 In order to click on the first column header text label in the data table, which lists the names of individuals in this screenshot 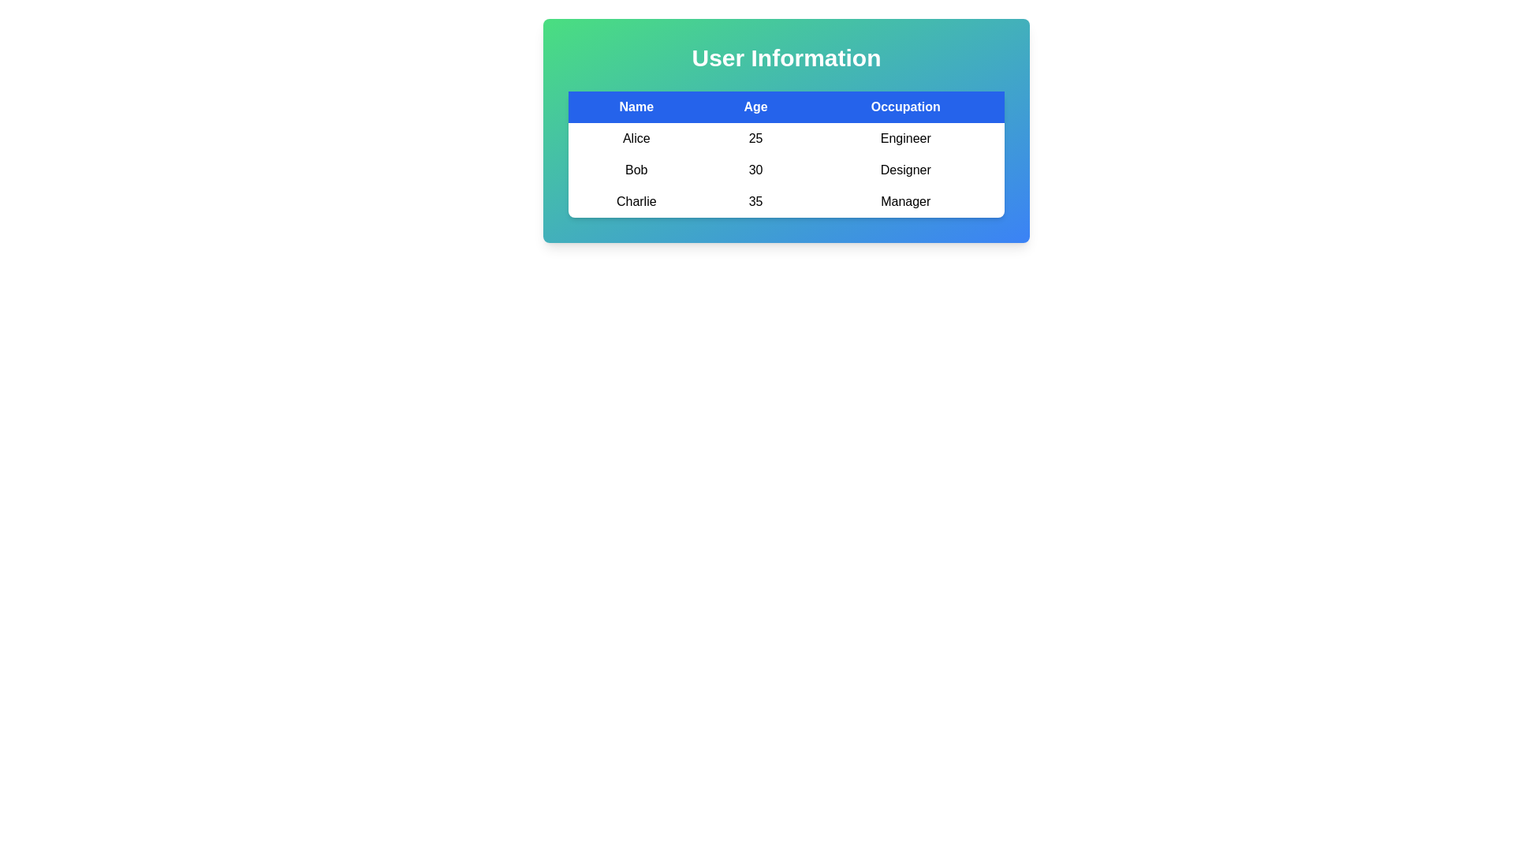, I will do `click(636, 106)`.